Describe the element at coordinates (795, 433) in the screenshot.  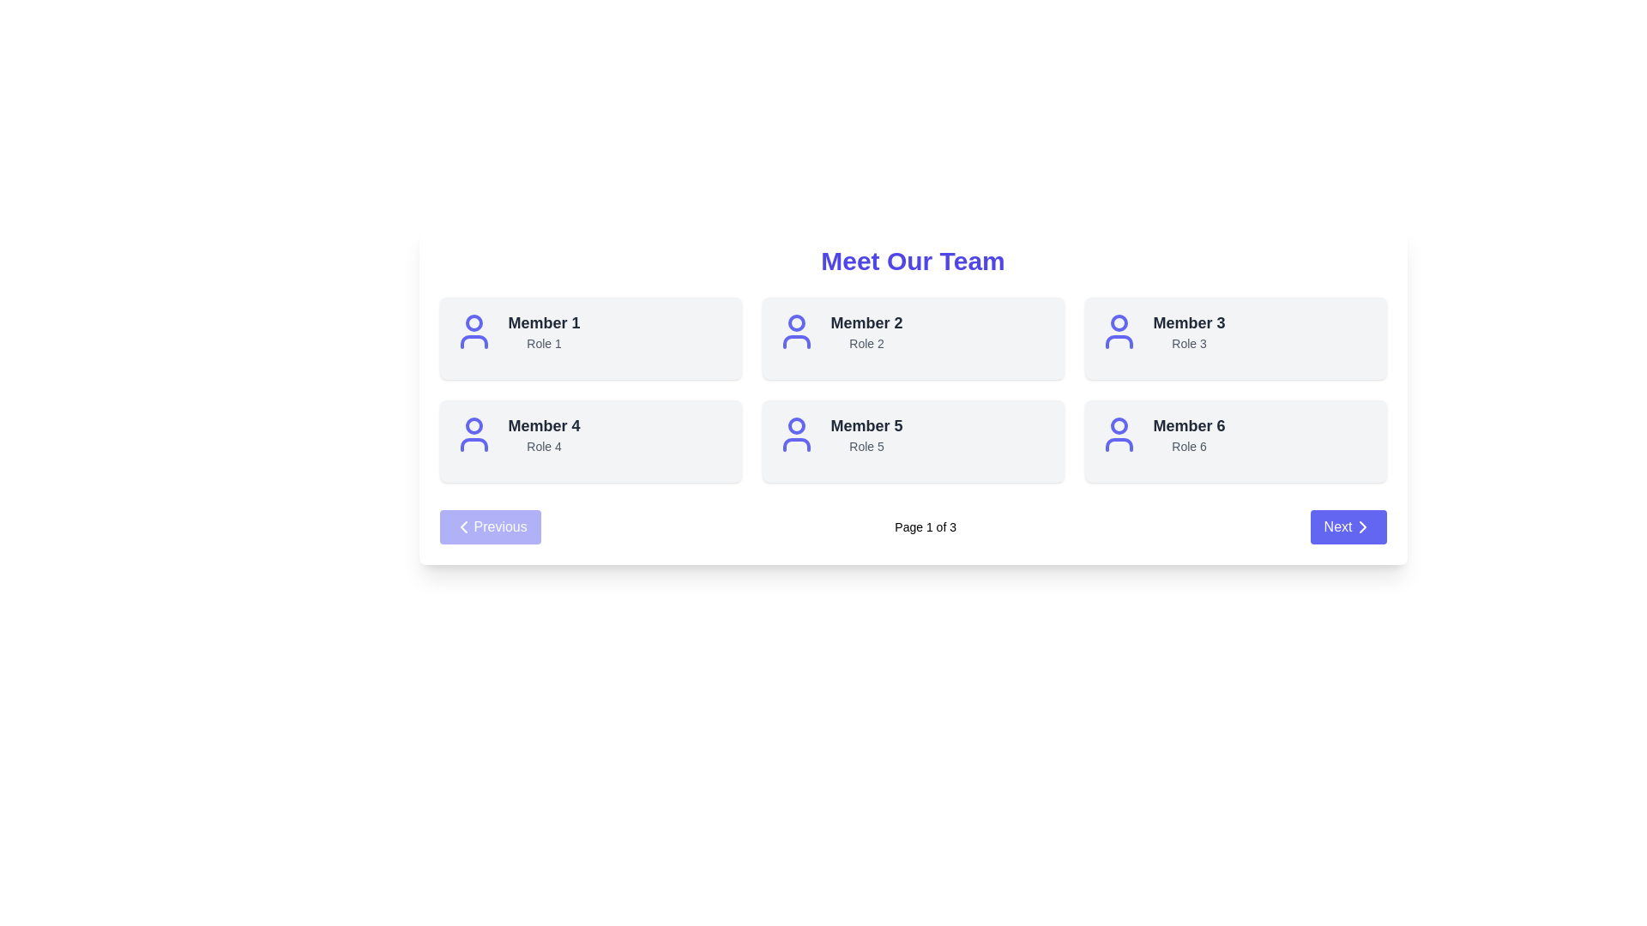
I see `the user avatar icon located in the upper left section of the fifth card displaying 'Member 5' and 'Role 5'` at that location.